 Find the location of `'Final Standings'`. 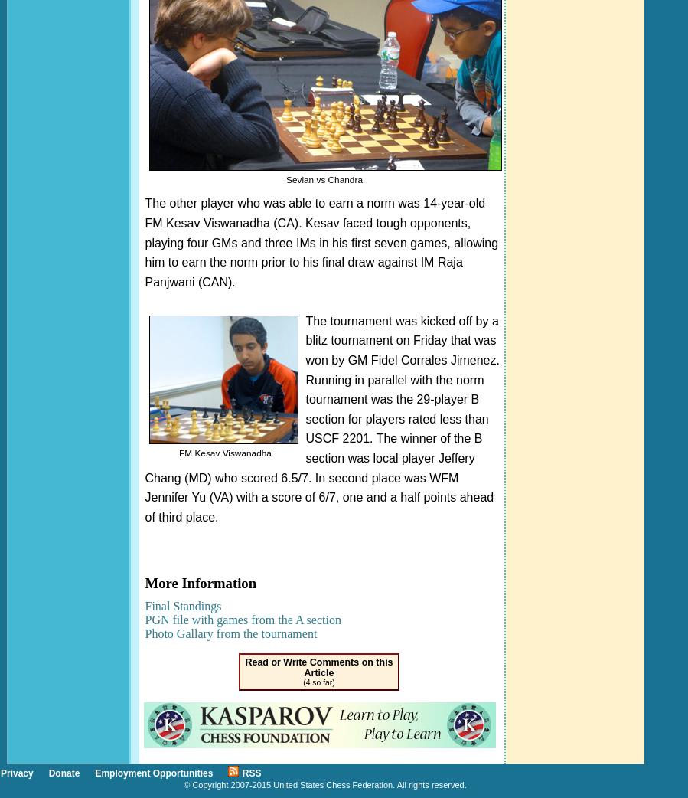

'Final Standings' is located at coordinates (183, 605).